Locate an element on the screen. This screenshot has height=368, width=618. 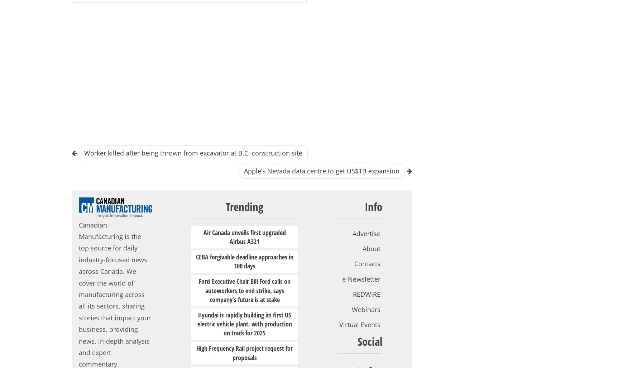
'Social' is located at coordinates (369, 341).